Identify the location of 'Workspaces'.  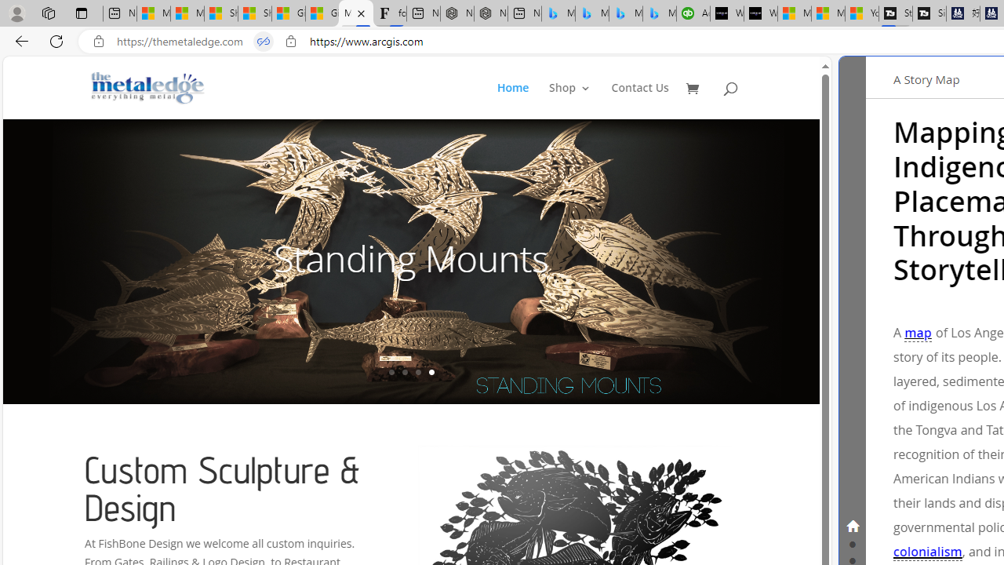
(48, 13).